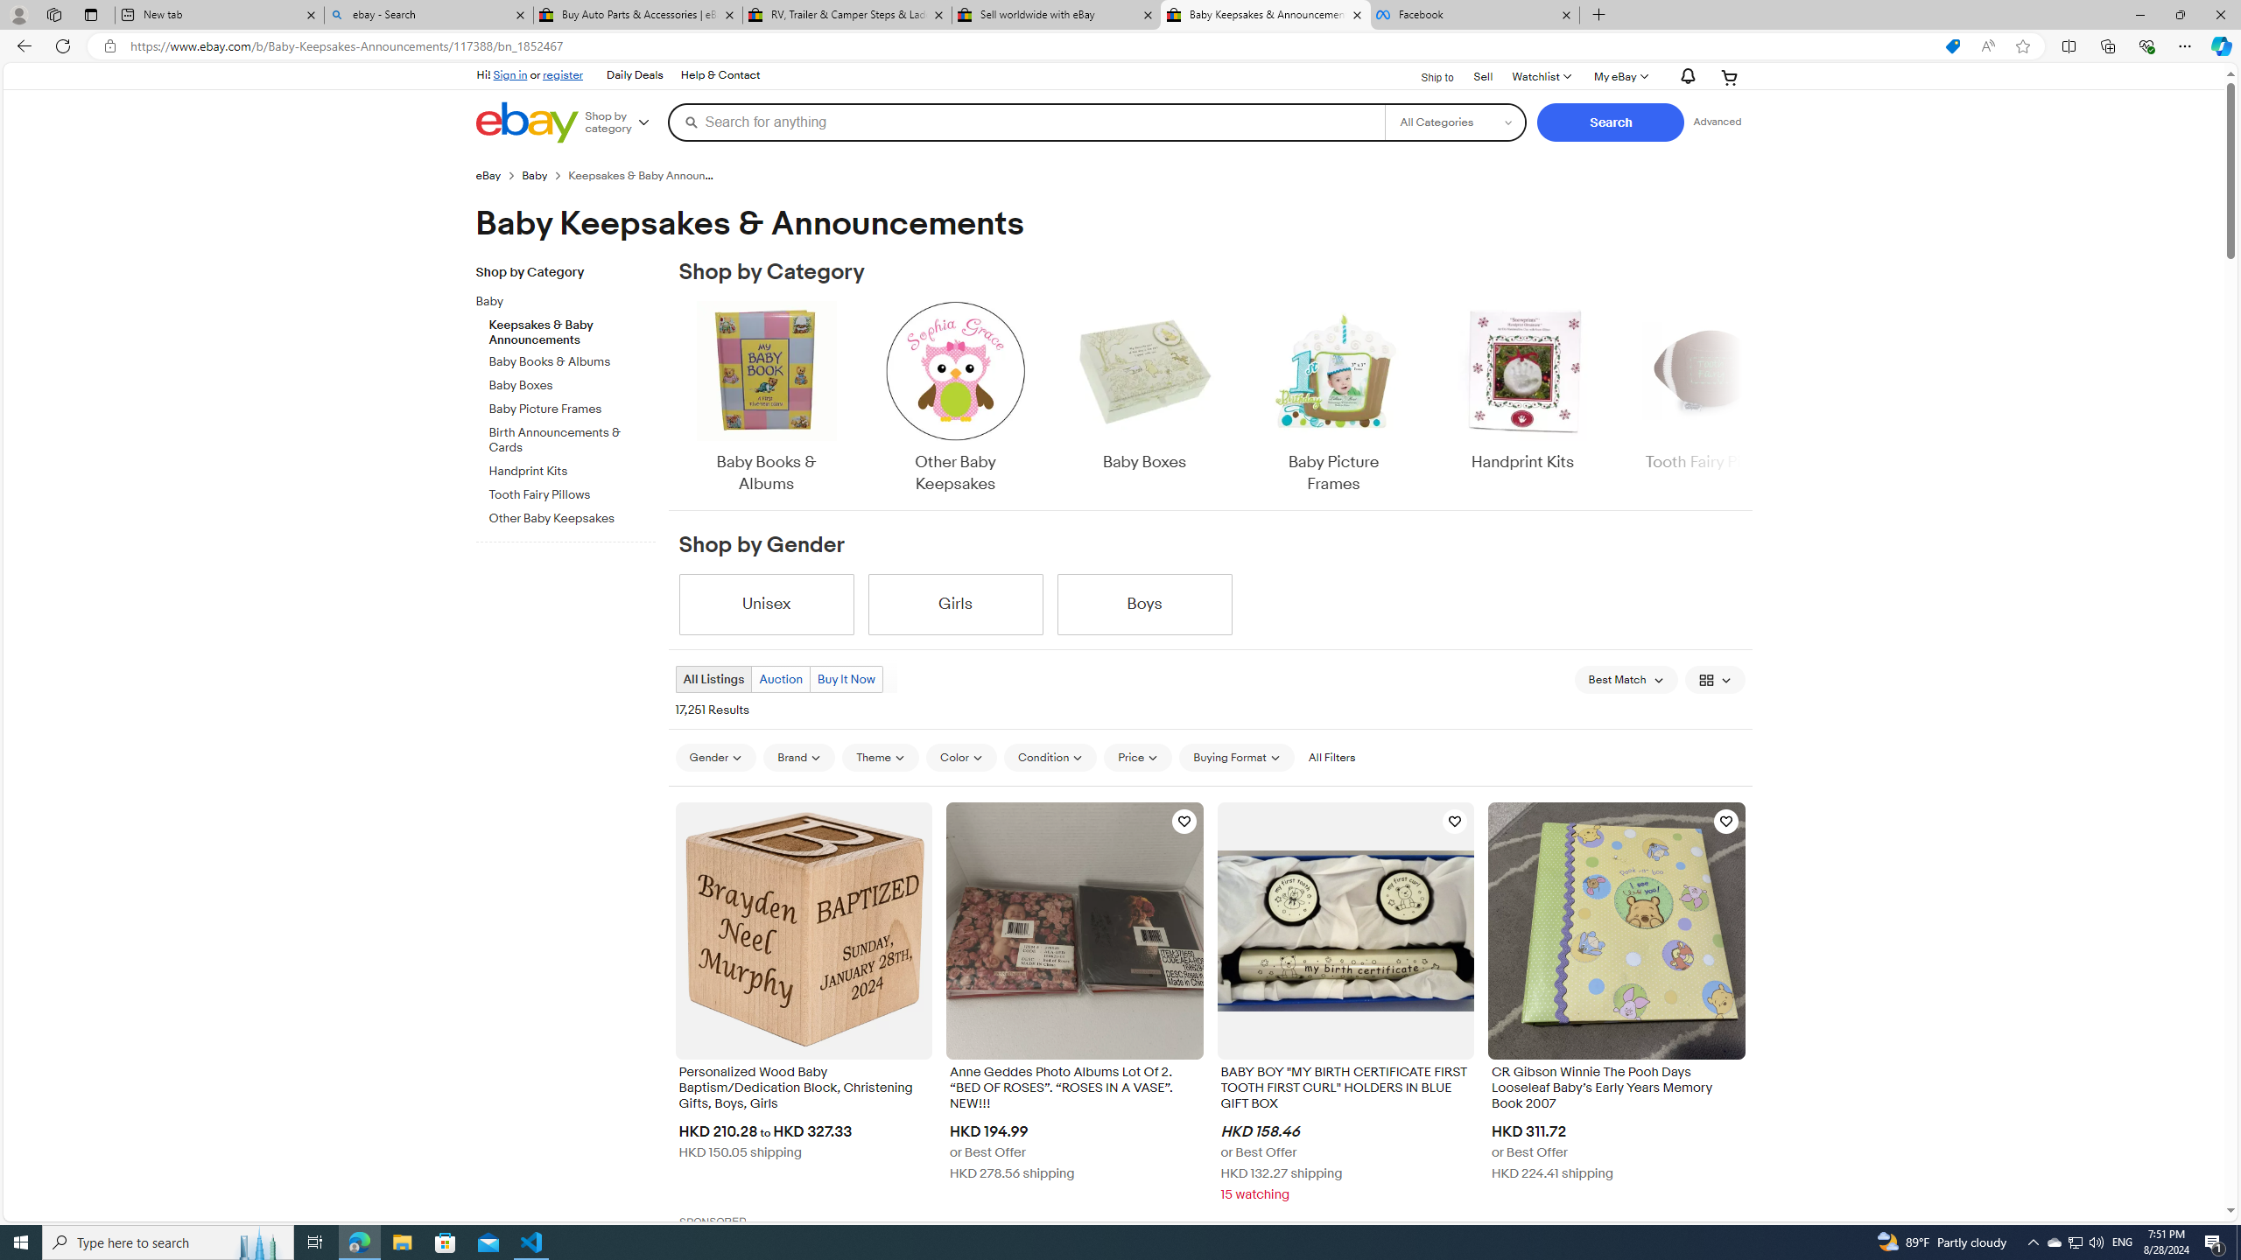  What do you see at coordinates (572, 439) in the screenshot?
I see `'Birth Announcements & Cards'` at bounding box center [572, 439].